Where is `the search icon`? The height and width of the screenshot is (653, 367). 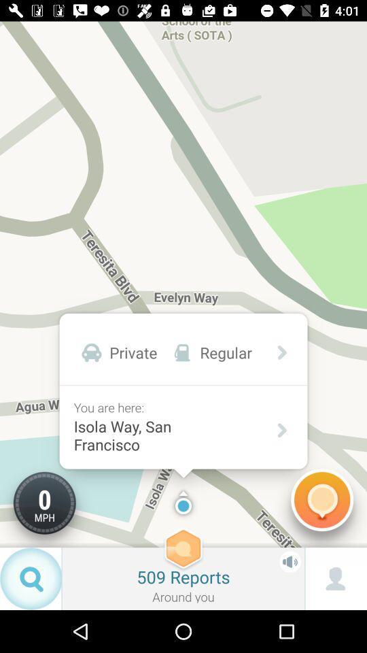 the search icon is located at coordinates (35, 577).